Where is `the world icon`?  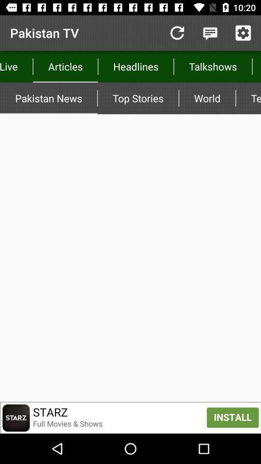
the world icon is located at coordinates (206, 98).